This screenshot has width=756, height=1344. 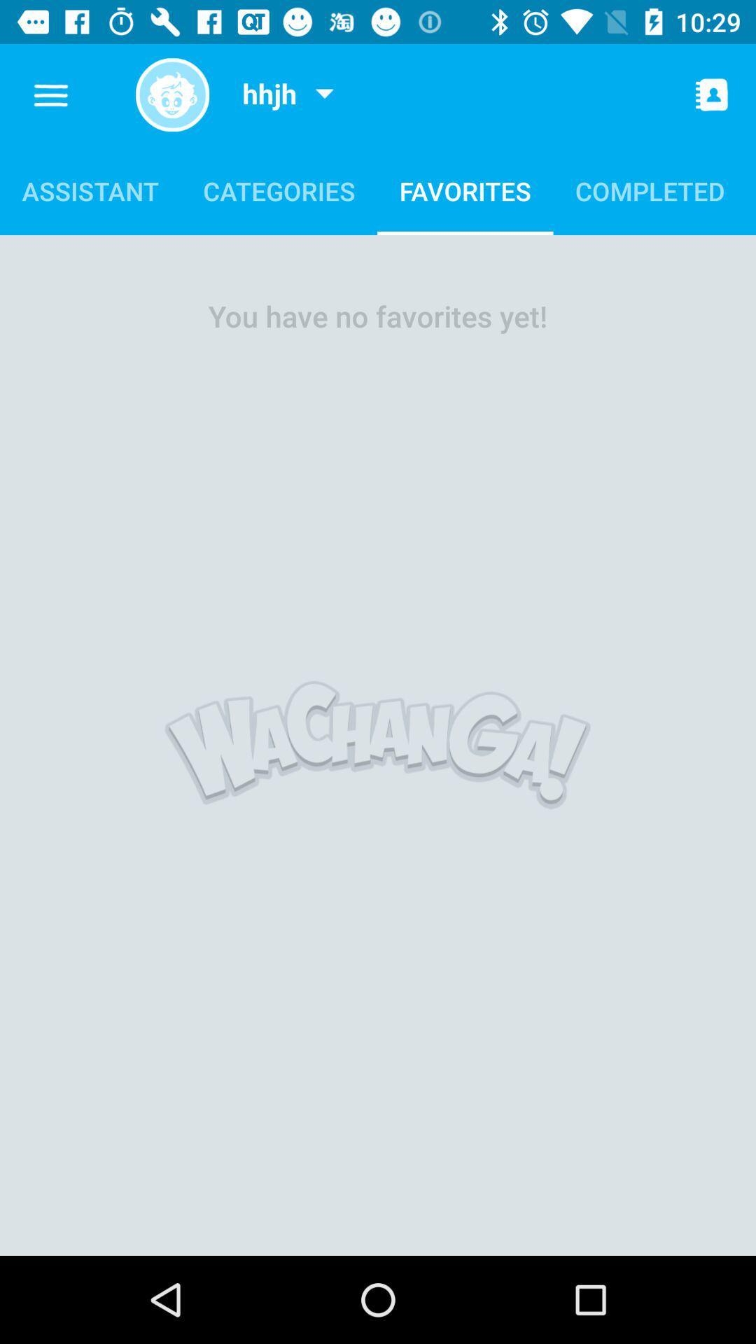 I want to click on shows symbol icon, so click(x=171, y=94).